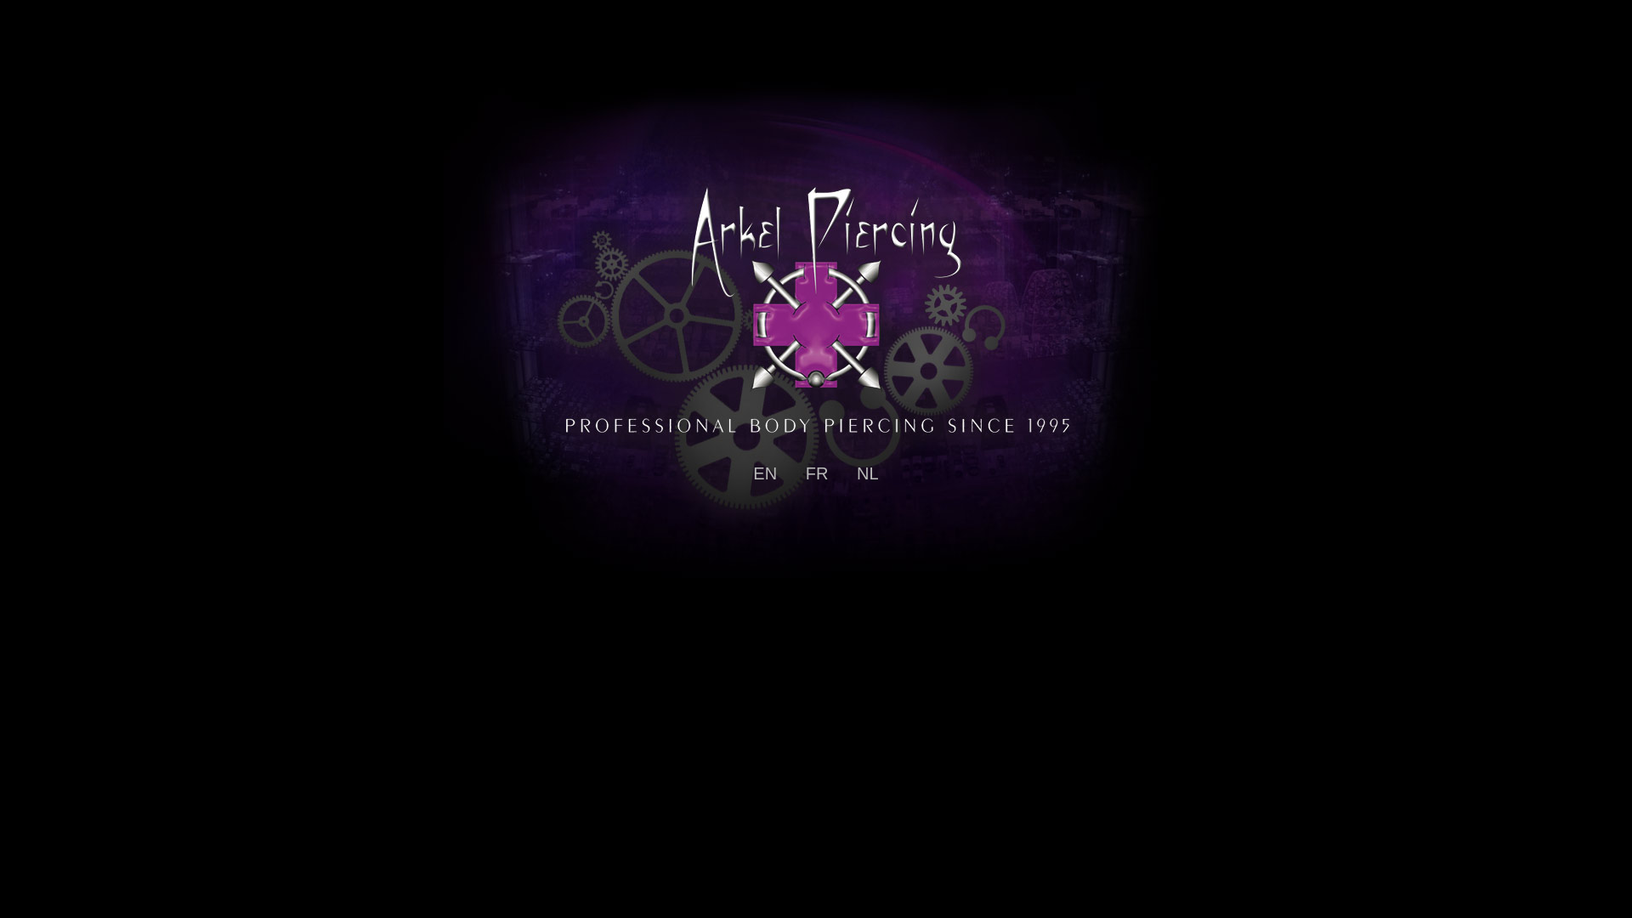 The height and width of the screenshot is (918, 1632). Describe the element at coordinates (764, 473) in the screenshot. I see `'EN'` at that location.